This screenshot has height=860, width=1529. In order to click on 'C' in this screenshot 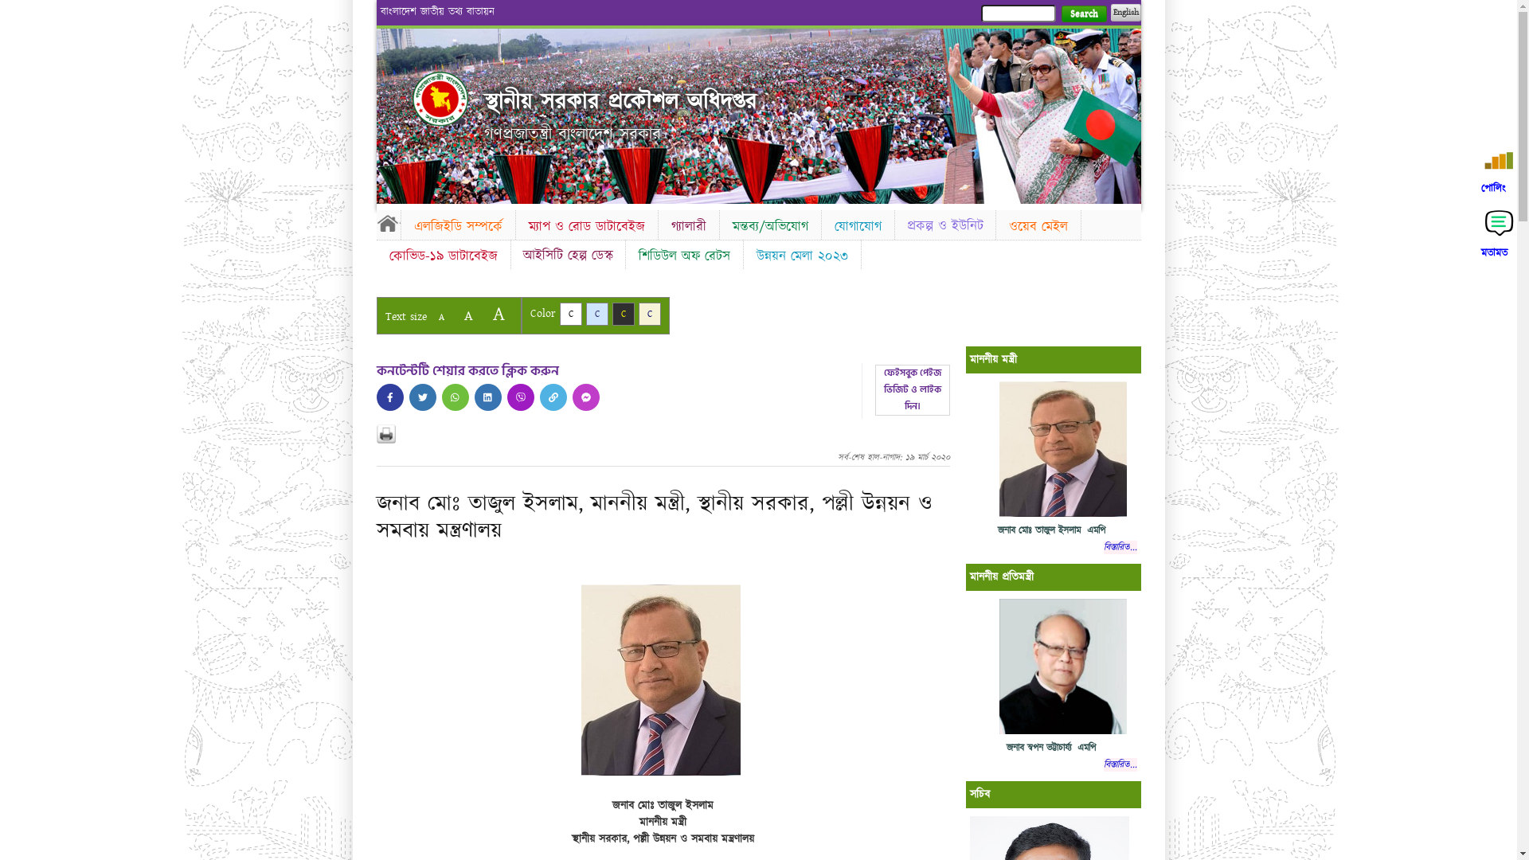, I will do `click(638, 314)`.